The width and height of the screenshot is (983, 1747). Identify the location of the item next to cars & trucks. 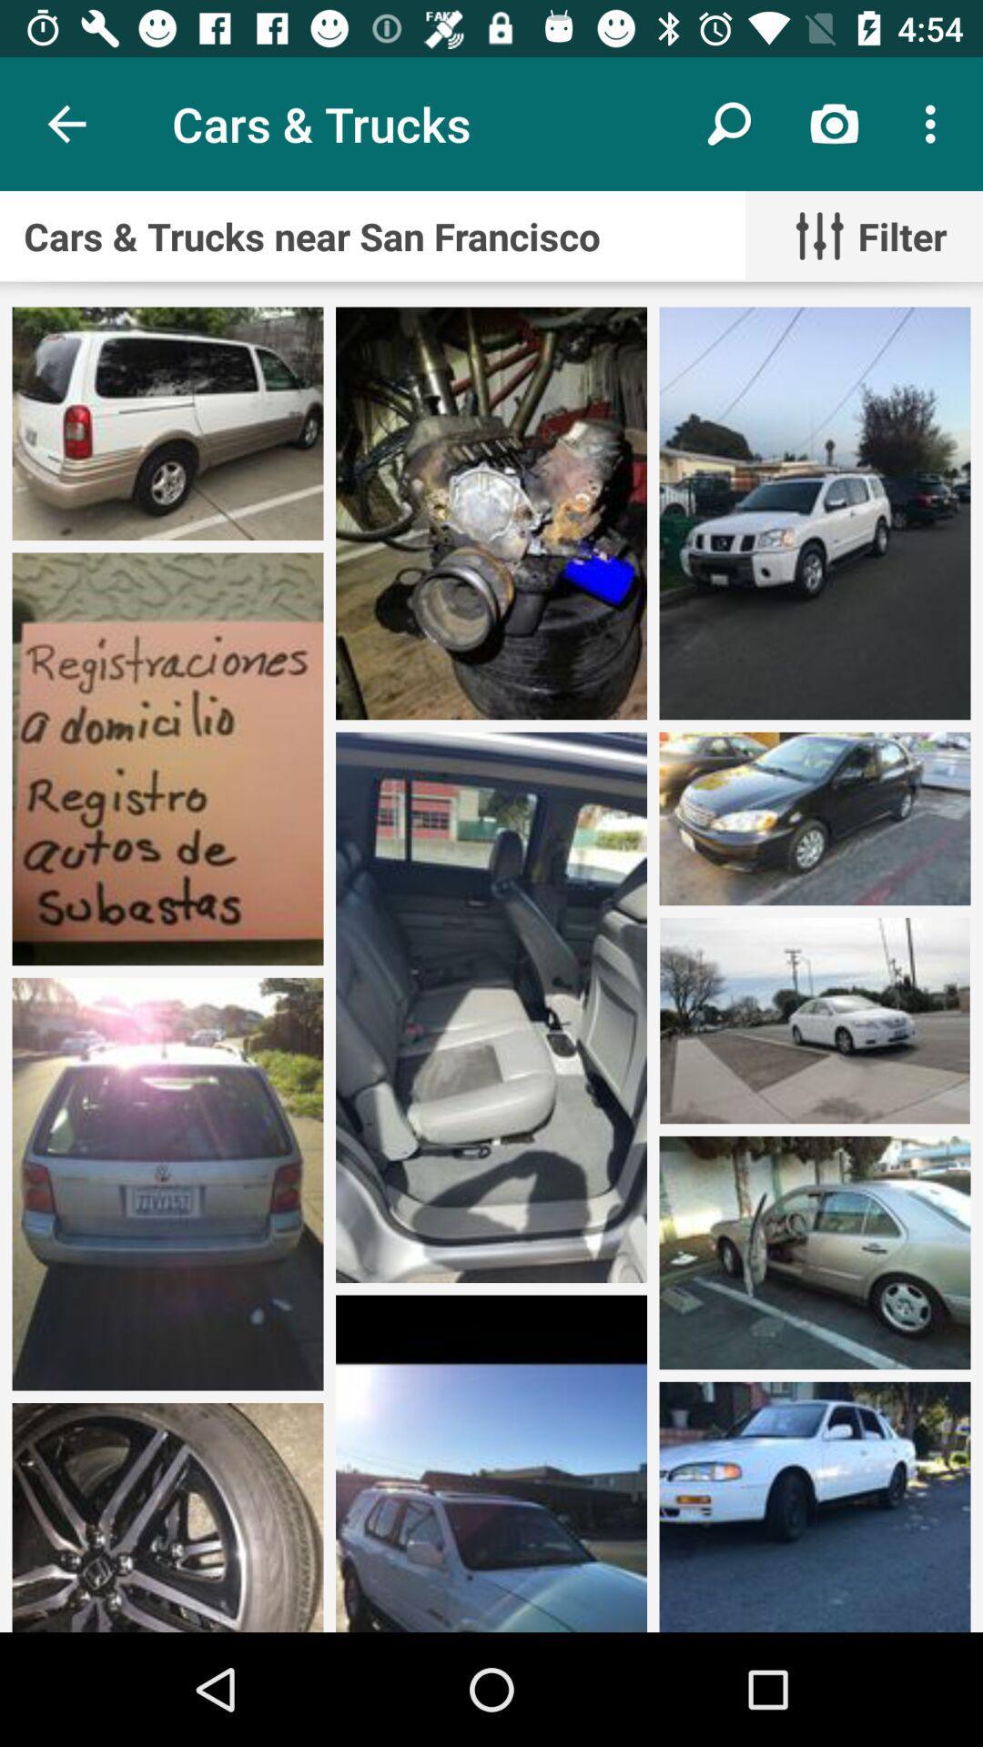
(728, 123).